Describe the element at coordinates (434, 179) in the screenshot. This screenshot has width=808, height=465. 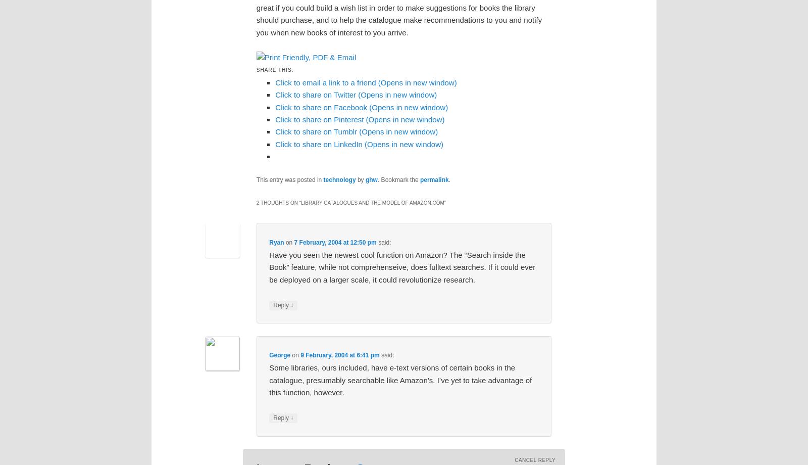
I see `'permalink'` at that location.